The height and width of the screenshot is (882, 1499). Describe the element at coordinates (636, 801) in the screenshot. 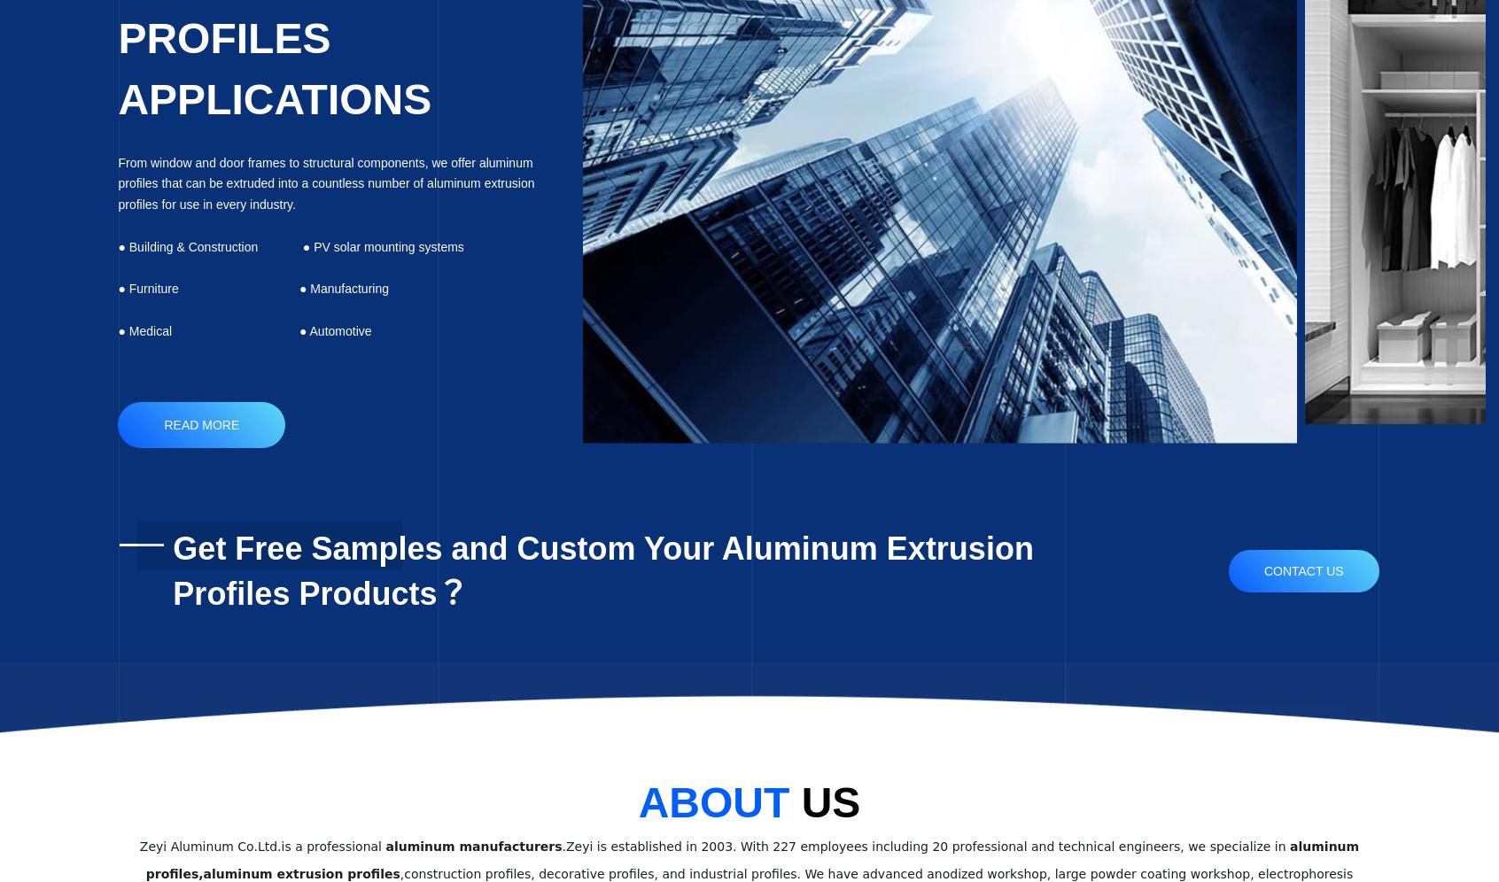

I see `'ABOUT'` at that location.